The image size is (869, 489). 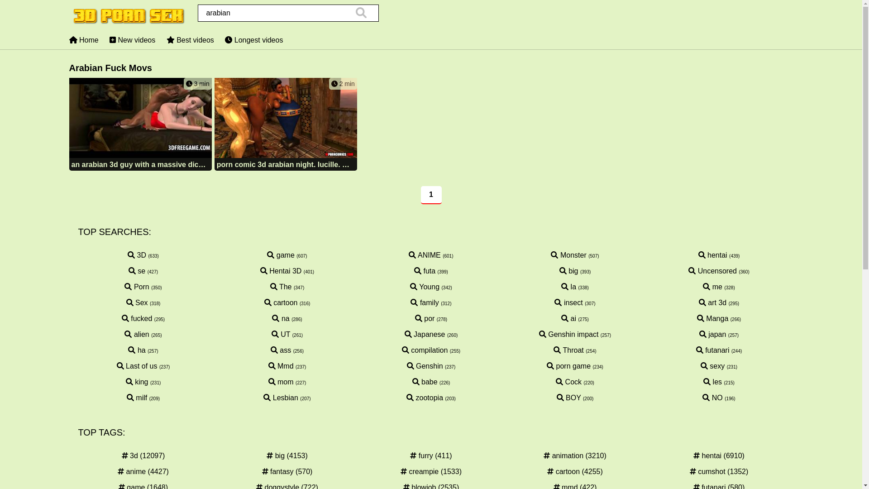 What do you see at coordinates (553, 350) in the screenshot?
I see `'Throat'` at bounding box center [553, 350].